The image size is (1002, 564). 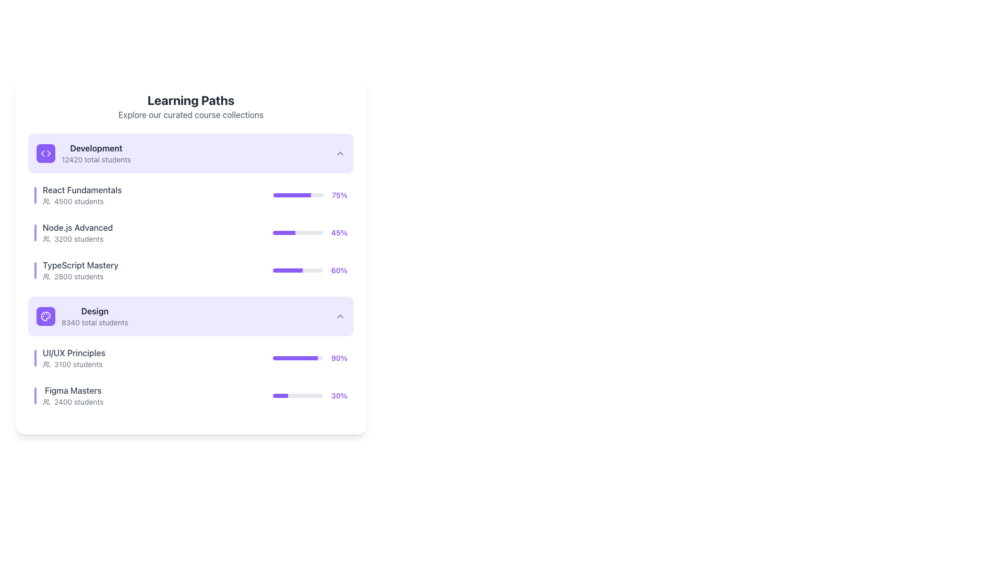 I want to click on progress, so click(x=281, y=232).